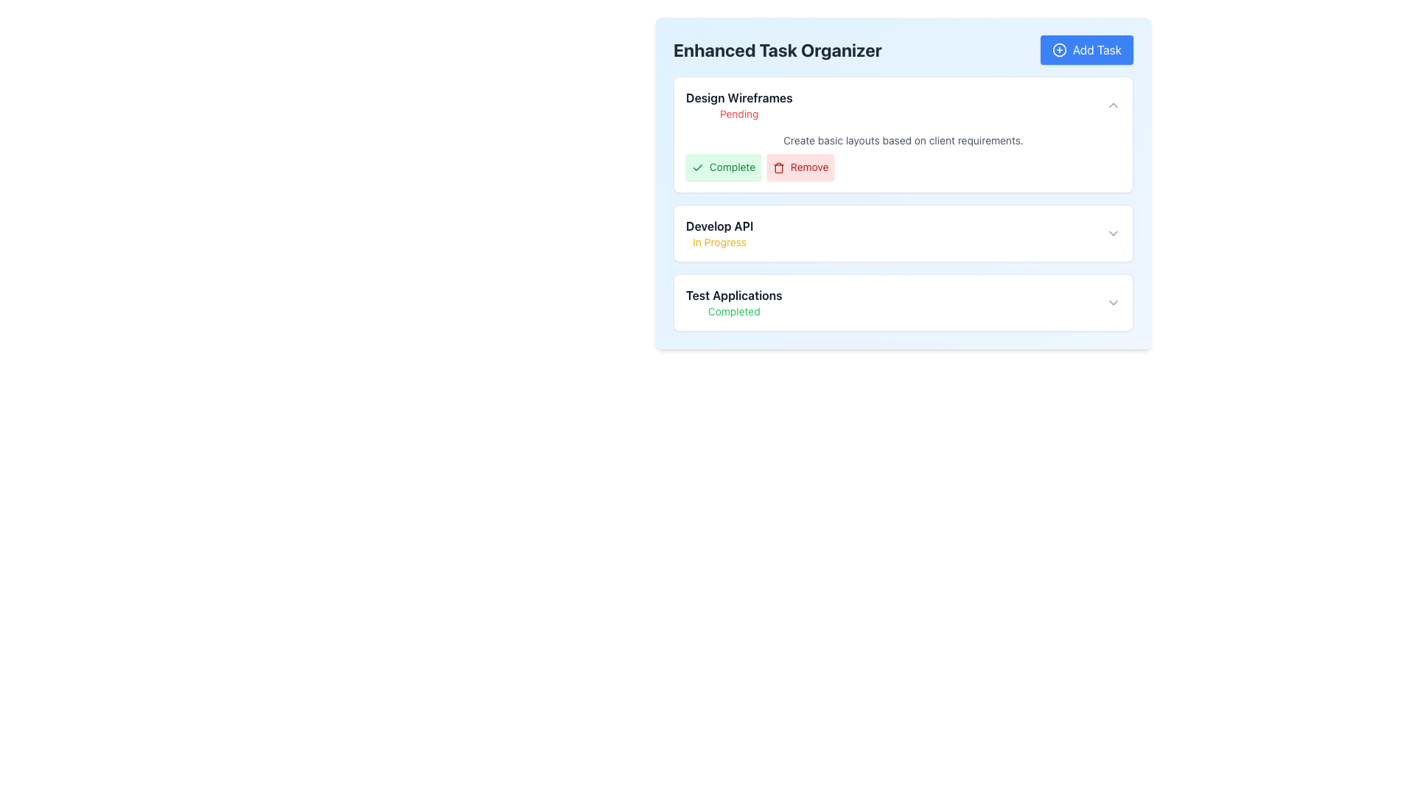 The width and height of the screenshot is (1415, 796). What do you see at coordinates (1086, 49) in the screenshot?
I see `the 'Add Task' button, which is a rectangular button with rounded corners, blue background, and white text located at the top-right corner of the 'Enhanced Task Organizer' box` at bounding box center [1086, 49].